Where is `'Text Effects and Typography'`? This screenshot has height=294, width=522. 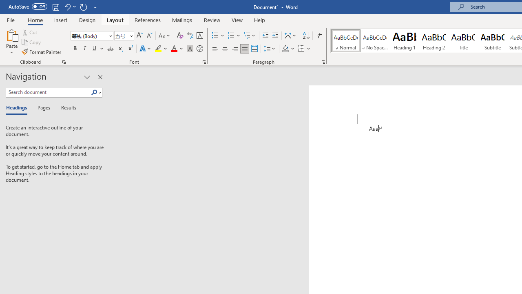
'Text Effects and Typography' is located at coordinates (146, 49).